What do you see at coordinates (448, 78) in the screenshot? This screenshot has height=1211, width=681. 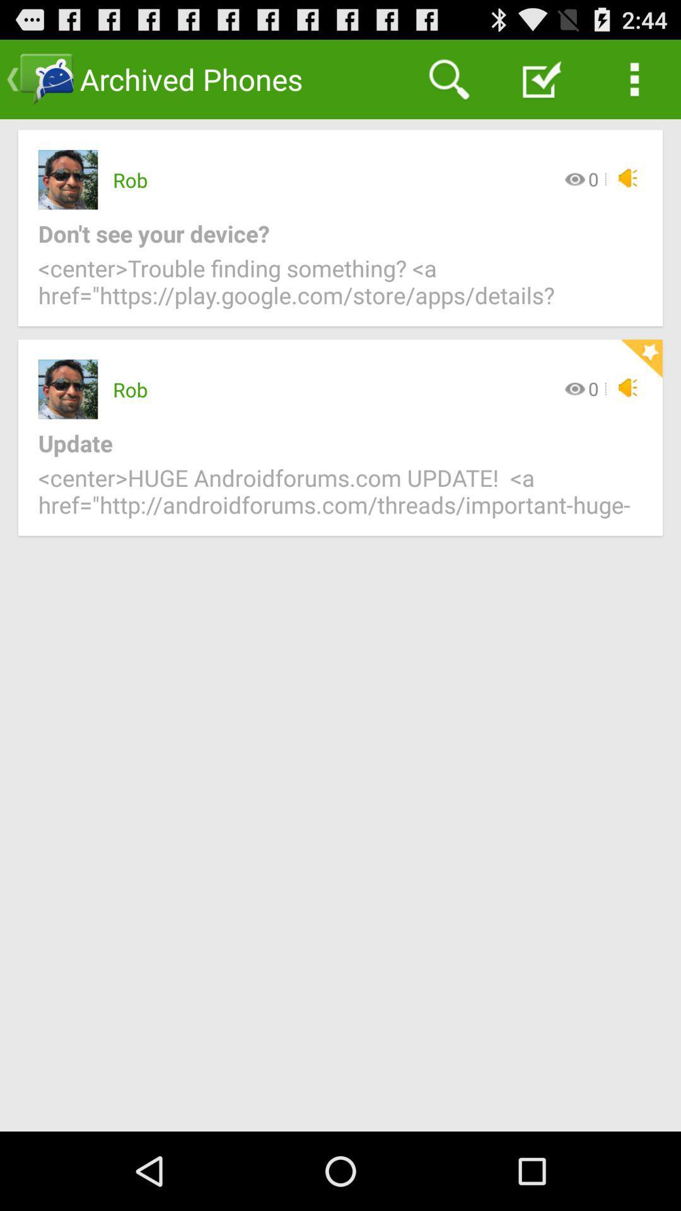 I see `the icon above rob app` at bounding box center [448, 78].